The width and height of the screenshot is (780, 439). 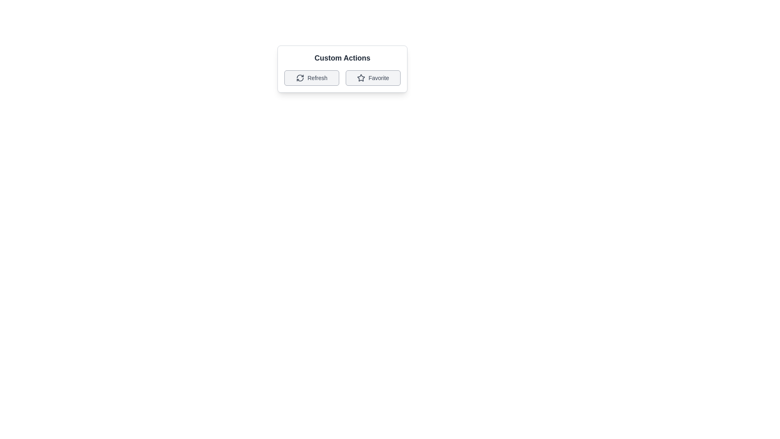 I want to click on the second actionable icon in the 'Custom Actions' section, located under the 'Favorite' text and to the right of the 'Refresh' button, so click(x=361, y=78).